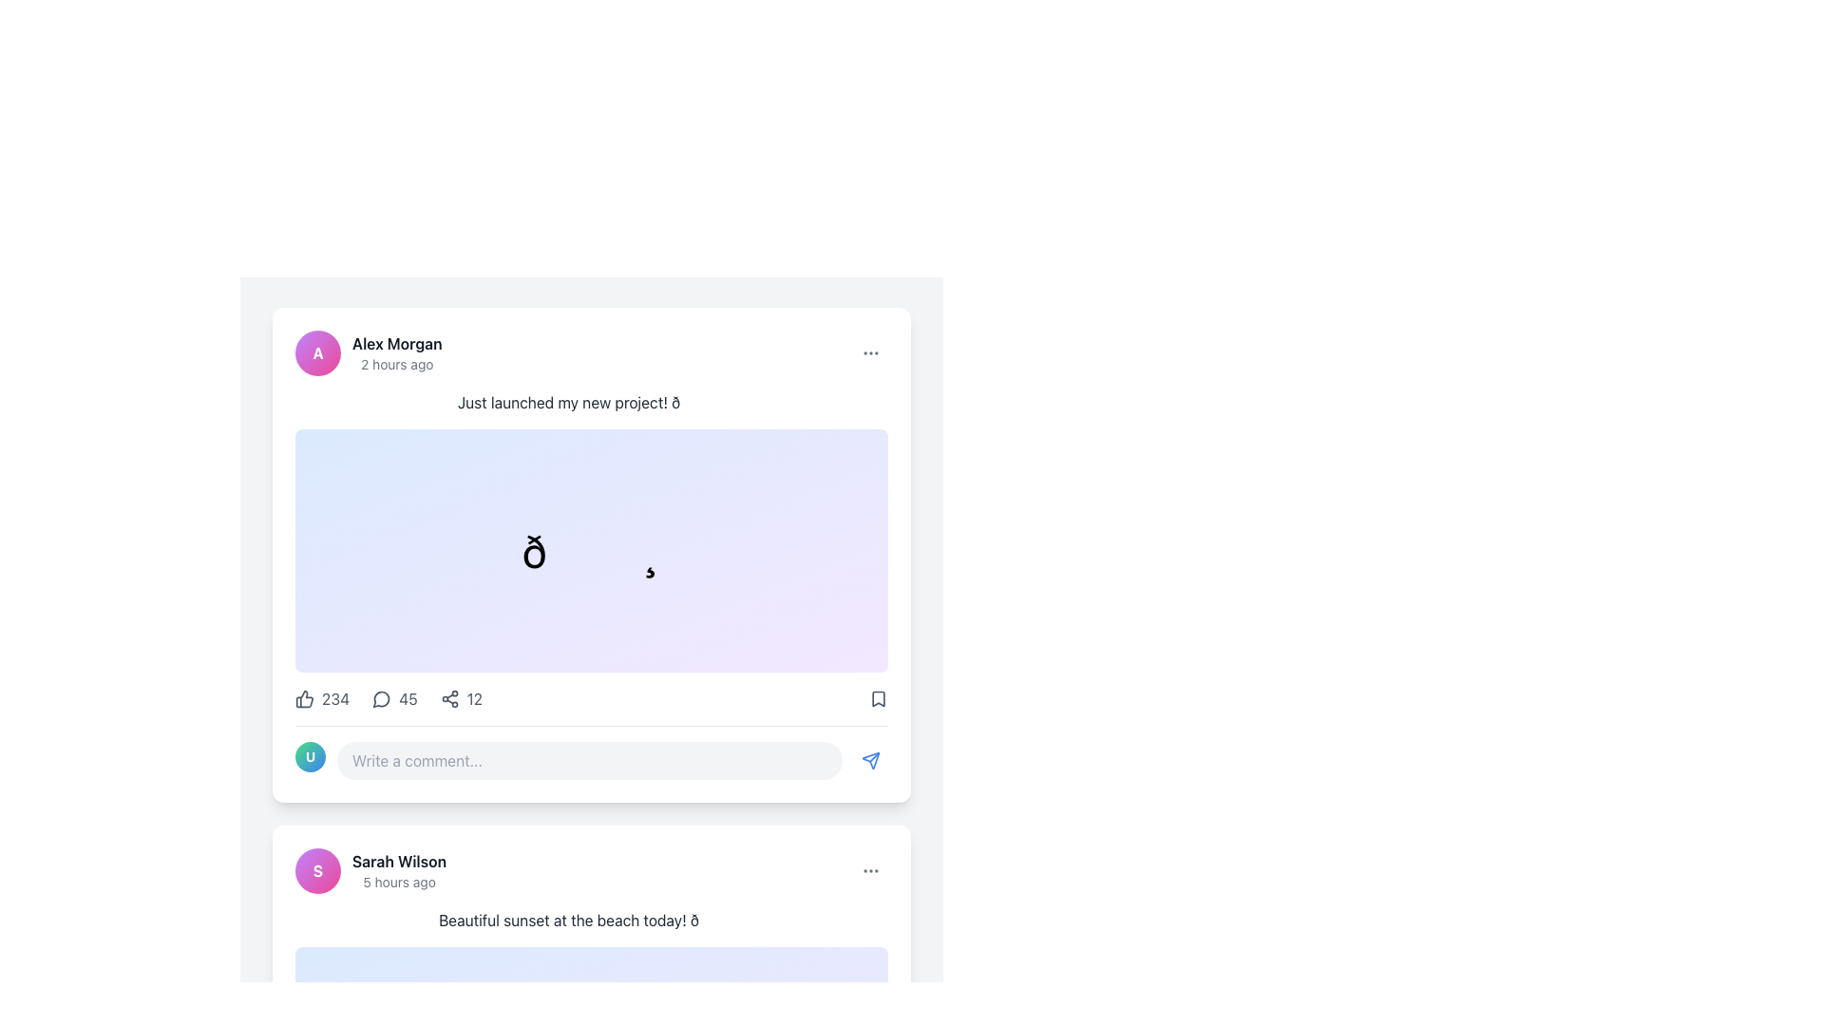 The image size is (1824, 1026). Describe the element at coordinates (398, 883) in the screenshot. I see `timestamp displayed in a smaller, grey-colored font that shows '5 hours ago', located below 'Sarah Wilson' in the bottom-left corner of the comment area` at that location.